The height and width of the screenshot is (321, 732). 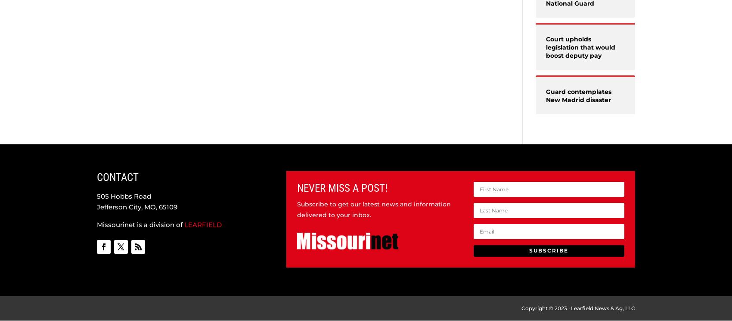 What do you see at coordinates (578, 308) in the screenshot?
I see `'Copyright © 2023 · Learfield News & Ag, LLC'` at bounding box center [578, 308].